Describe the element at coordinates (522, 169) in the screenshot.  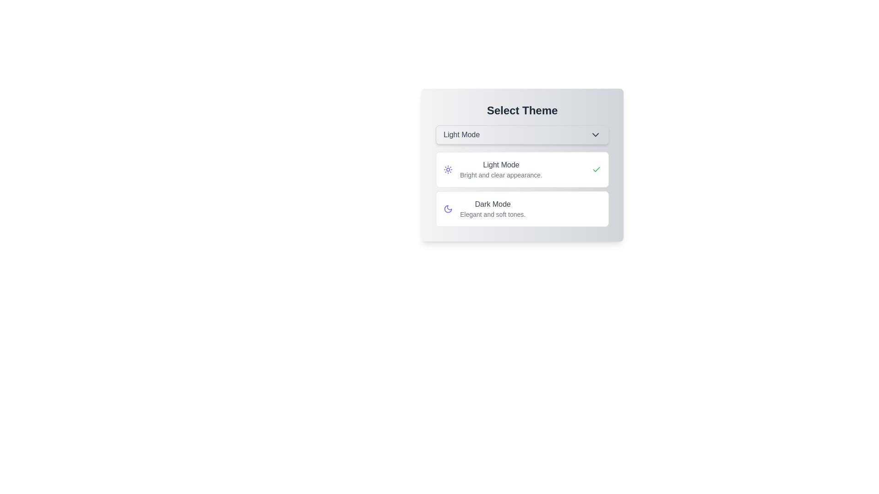
I see `the theme Light Mode from the menu` at that location.